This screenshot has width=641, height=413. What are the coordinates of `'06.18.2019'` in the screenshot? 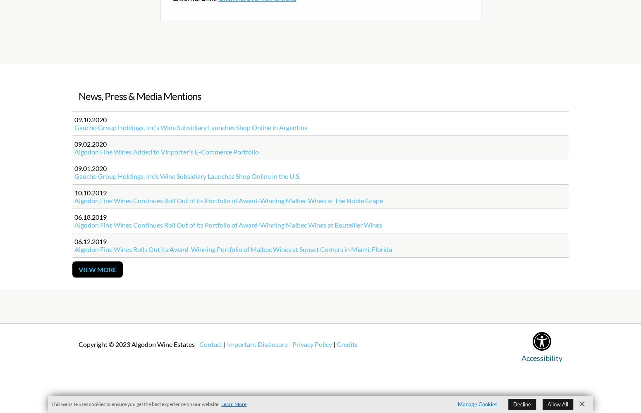 It's located at (74, 217).